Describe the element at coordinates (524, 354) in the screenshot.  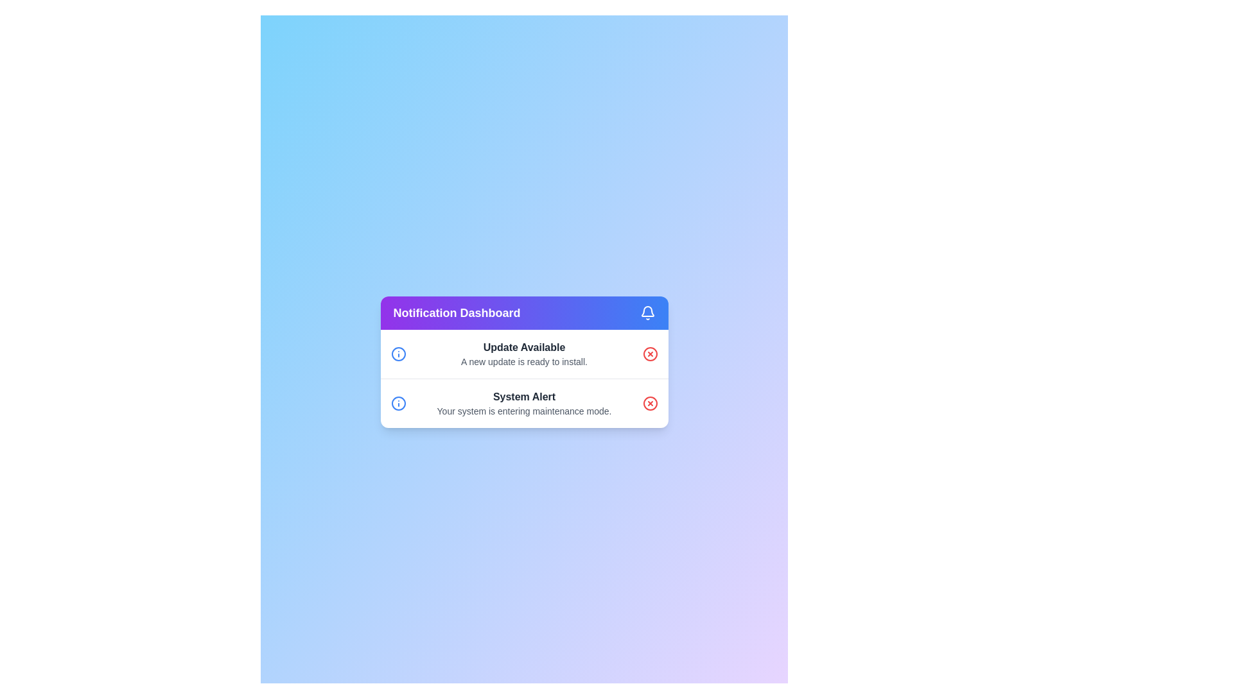
I see `text displayed in the 'Update Available' notification, which includes the title and subtitle, centered in the Notification Dashboard` at that location.